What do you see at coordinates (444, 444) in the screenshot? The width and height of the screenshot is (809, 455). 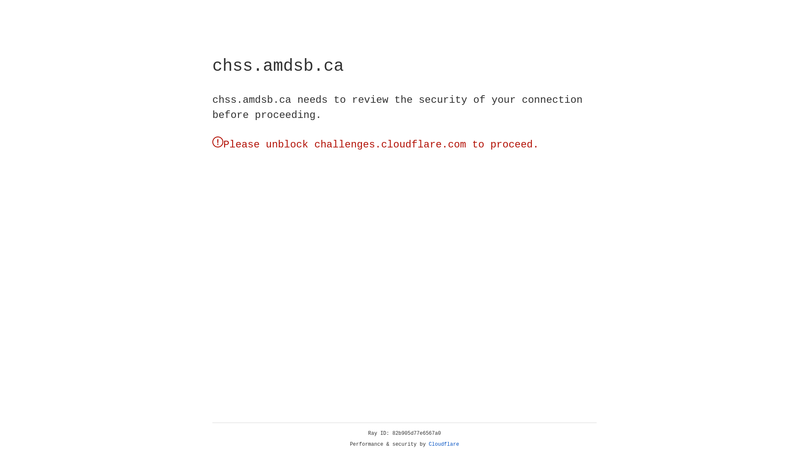 I see `'Cloudflare'` at bounding box center [444, 444].